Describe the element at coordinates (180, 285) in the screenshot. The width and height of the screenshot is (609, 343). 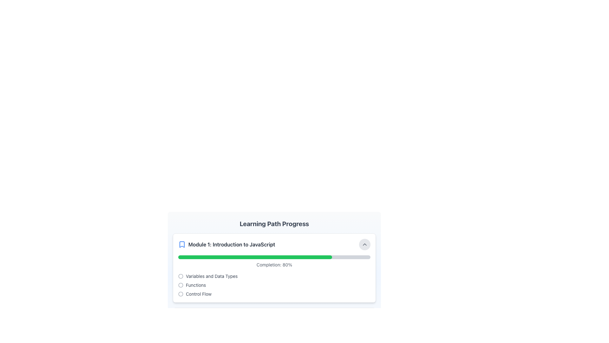
I see `properties of the SVG Circle element that visually represents the status indicator for the 'Functions' label under 'Module 1: Introduction to JavaScript.'` at that location.